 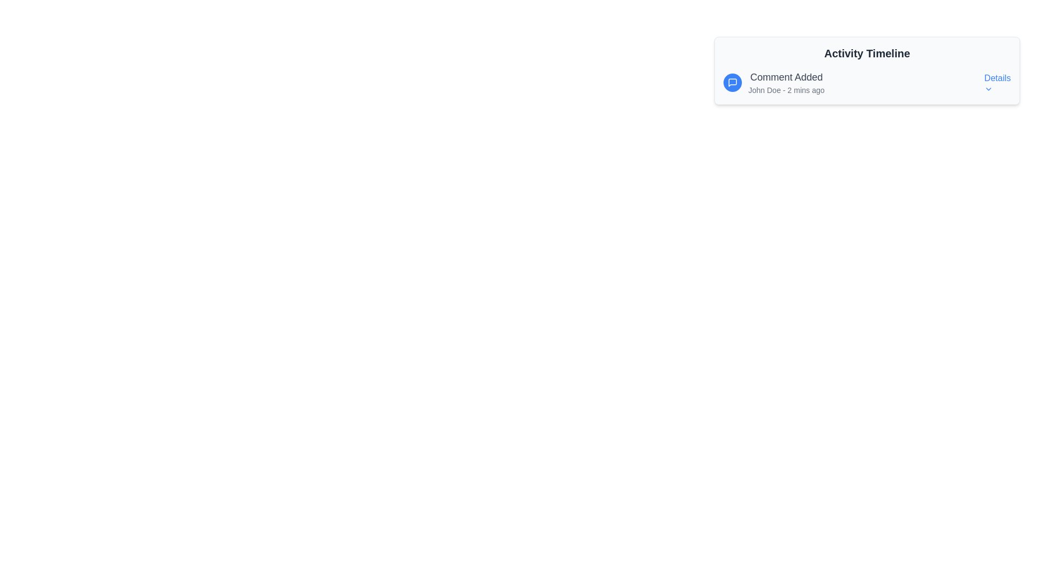 I want to click on the Text link with accompanying icon on the top right corner of the 'Activity Timeline' section, so click(x=997, y=82).